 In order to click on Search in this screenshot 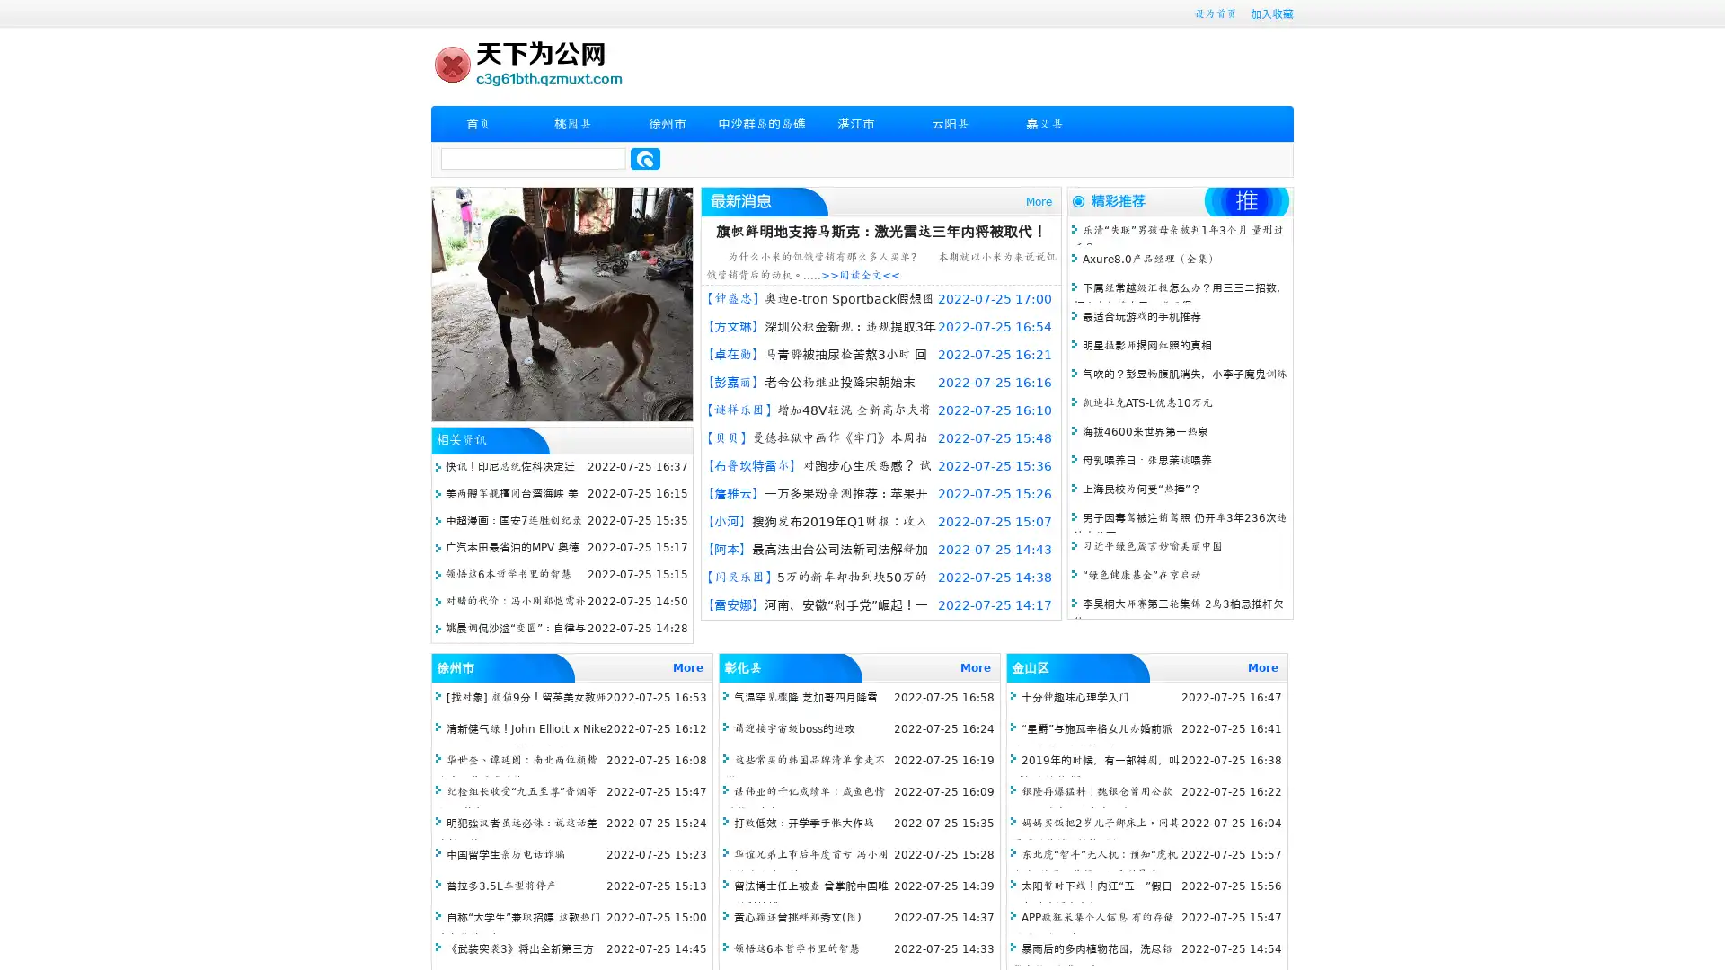, I will do `click(645, 158)`.